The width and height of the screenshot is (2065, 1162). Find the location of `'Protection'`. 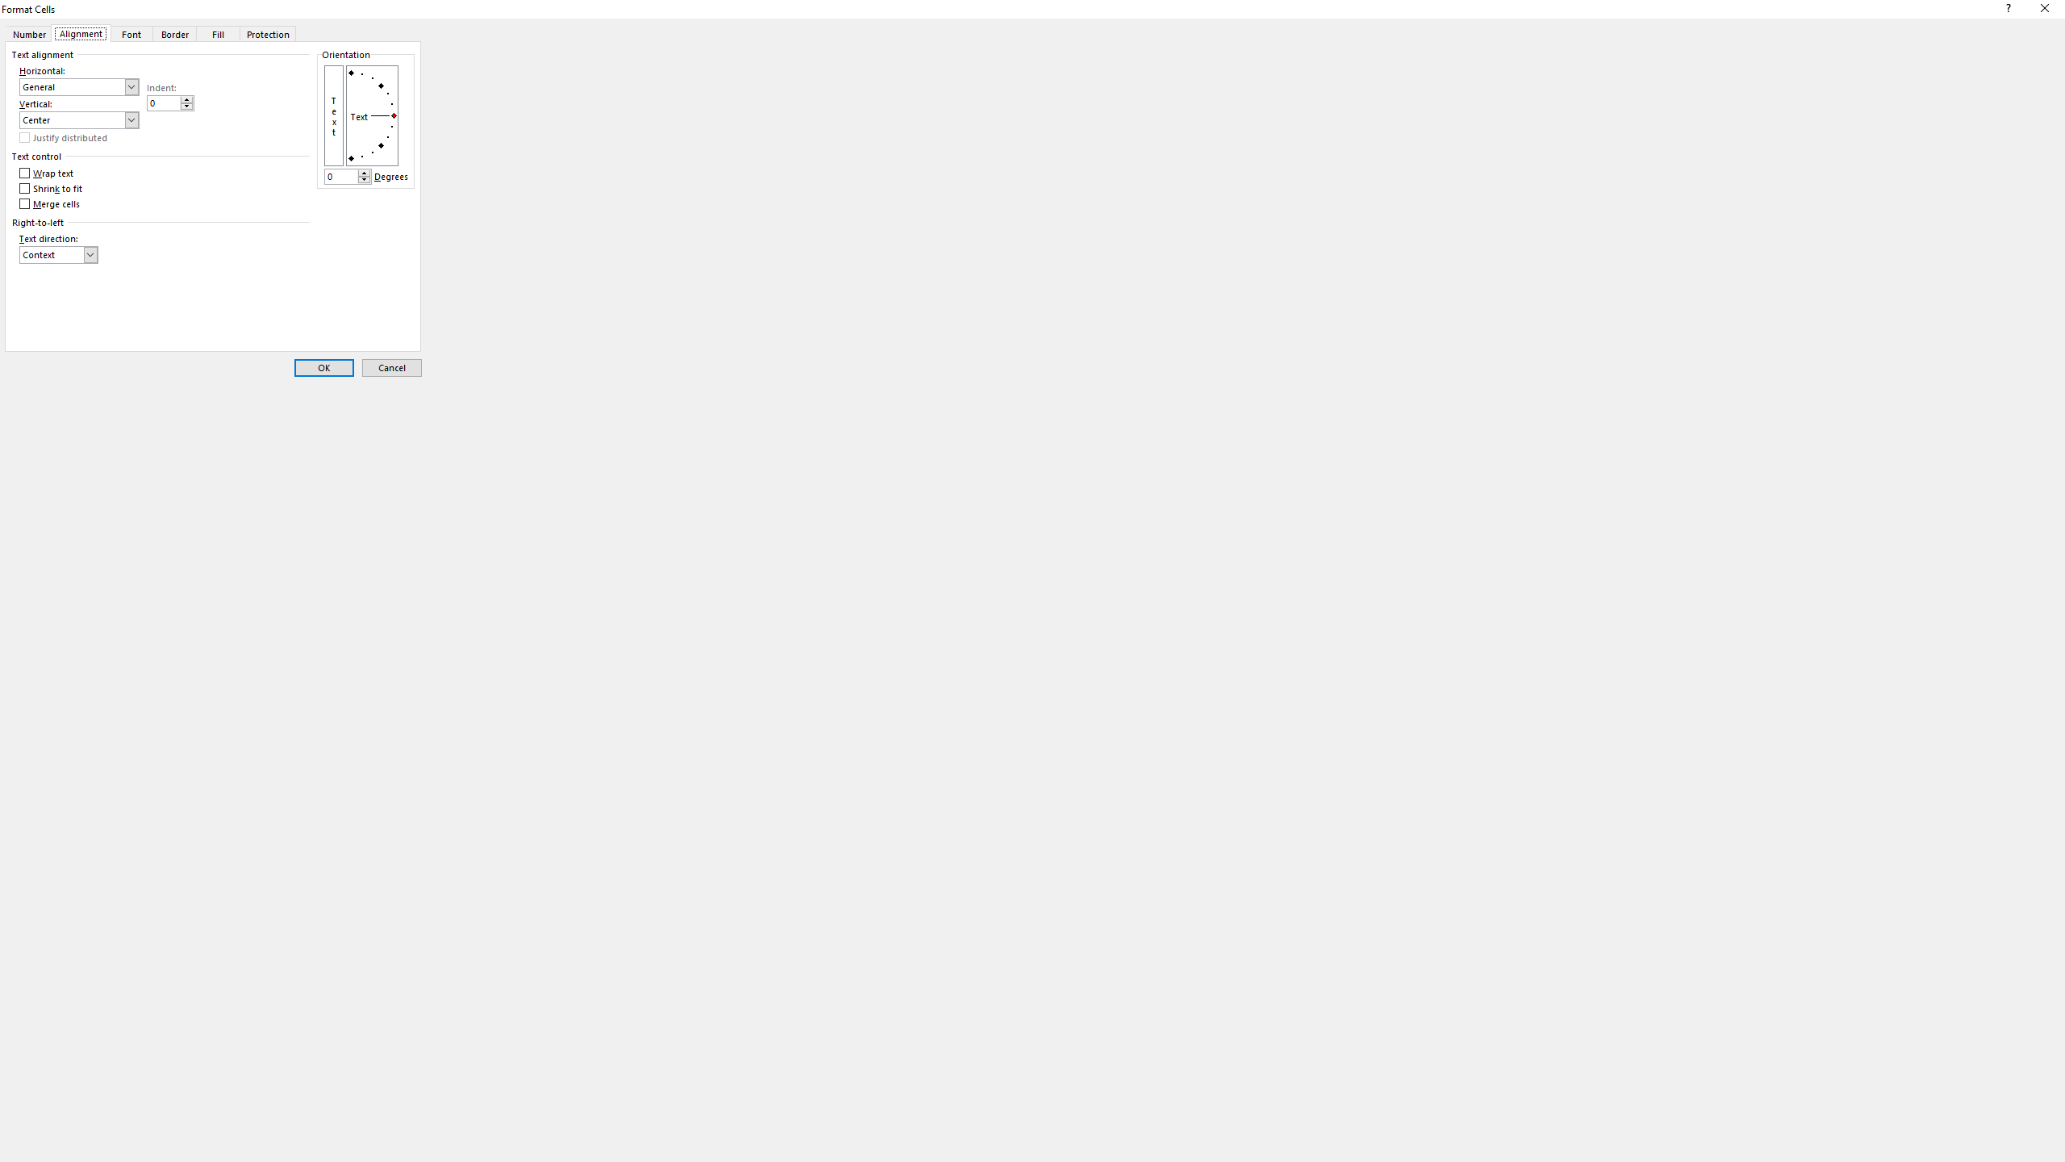

'Protection' is located at coordinates (267, 33).